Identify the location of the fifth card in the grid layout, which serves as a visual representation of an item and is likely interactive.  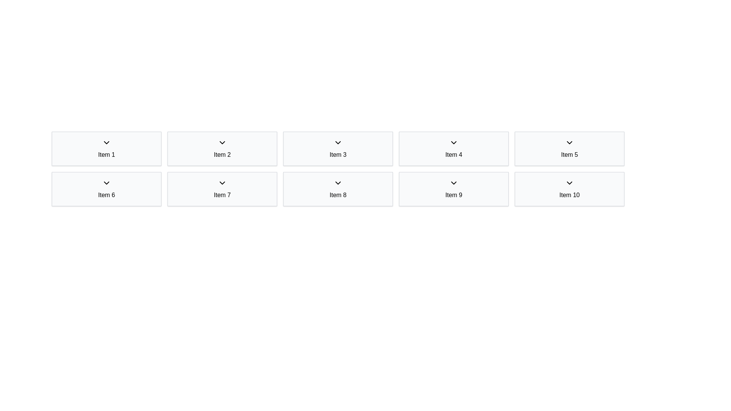
(570, 148).